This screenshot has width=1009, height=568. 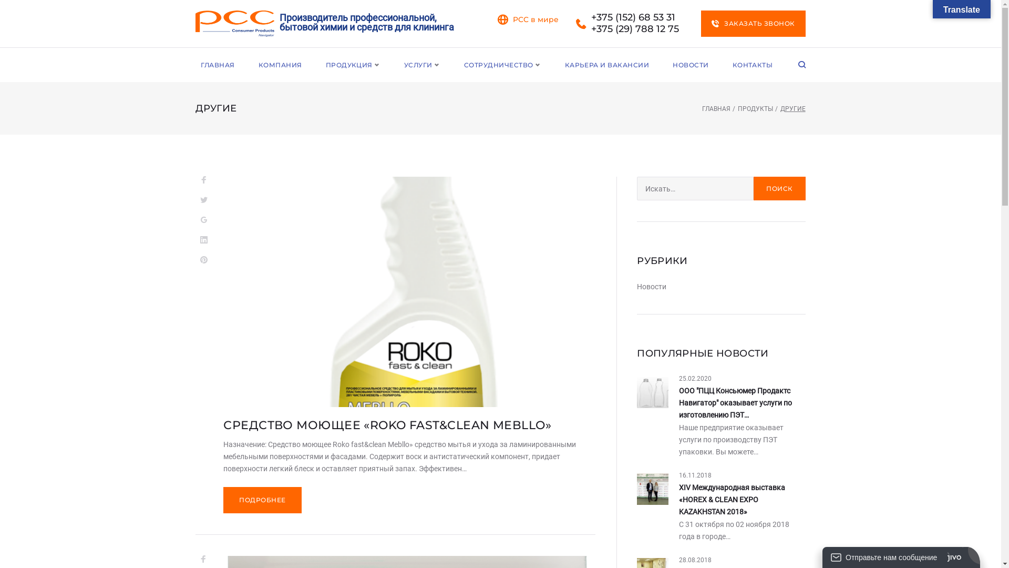 What do you see at coordinates (695, 379) in the screenshot?
I see `'25.02.2020'` at bounding box center [695, 379].